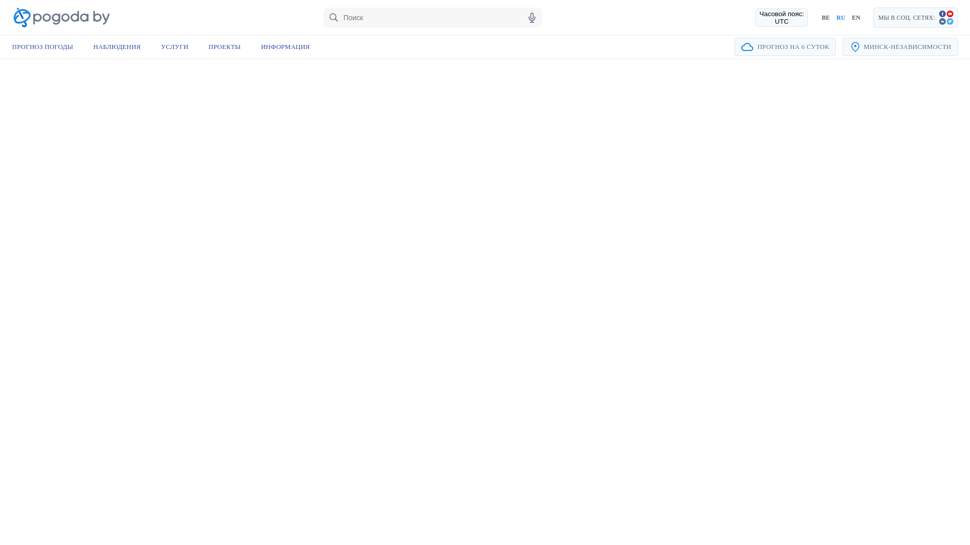 The image size is (970, 545). Describe the element at coordinates (825, 17) in the screenshot. I see `'BE'` at that location.